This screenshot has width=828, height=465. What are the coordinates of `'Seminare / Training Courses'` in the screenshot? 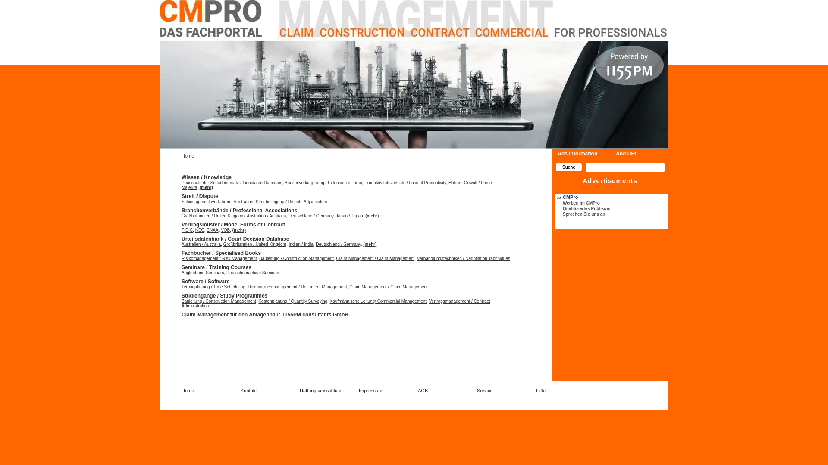 It's located at (216, 267).